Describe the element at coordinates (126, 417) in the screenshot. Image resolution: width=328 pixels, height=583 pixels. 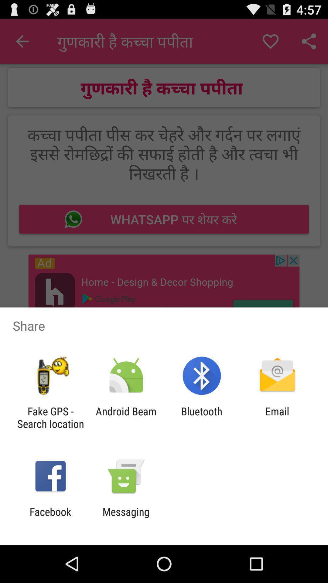
I see `icon next to fake gps search item` at that location.